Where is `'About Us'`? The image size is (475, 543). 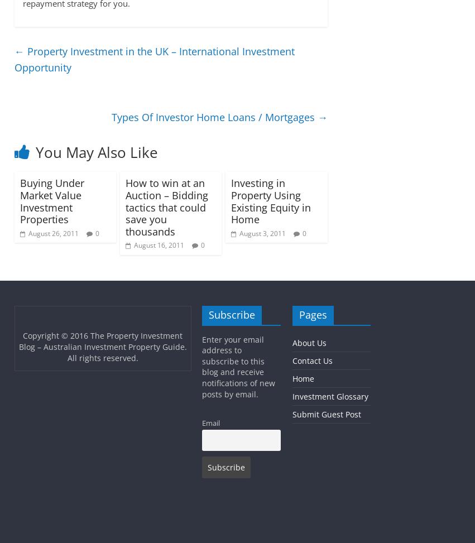 'About Us' is located at coordinates (308, 342).